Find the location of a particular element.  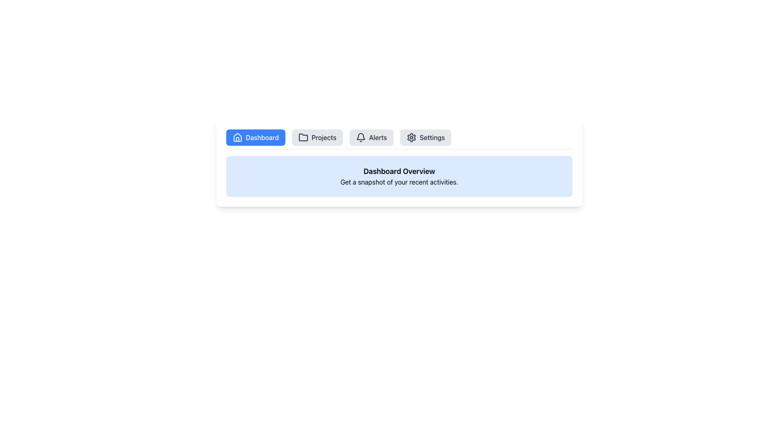

bold and prominent text 'Dashboard Overview' to understand the section heading is located at coordinates (399, 171).